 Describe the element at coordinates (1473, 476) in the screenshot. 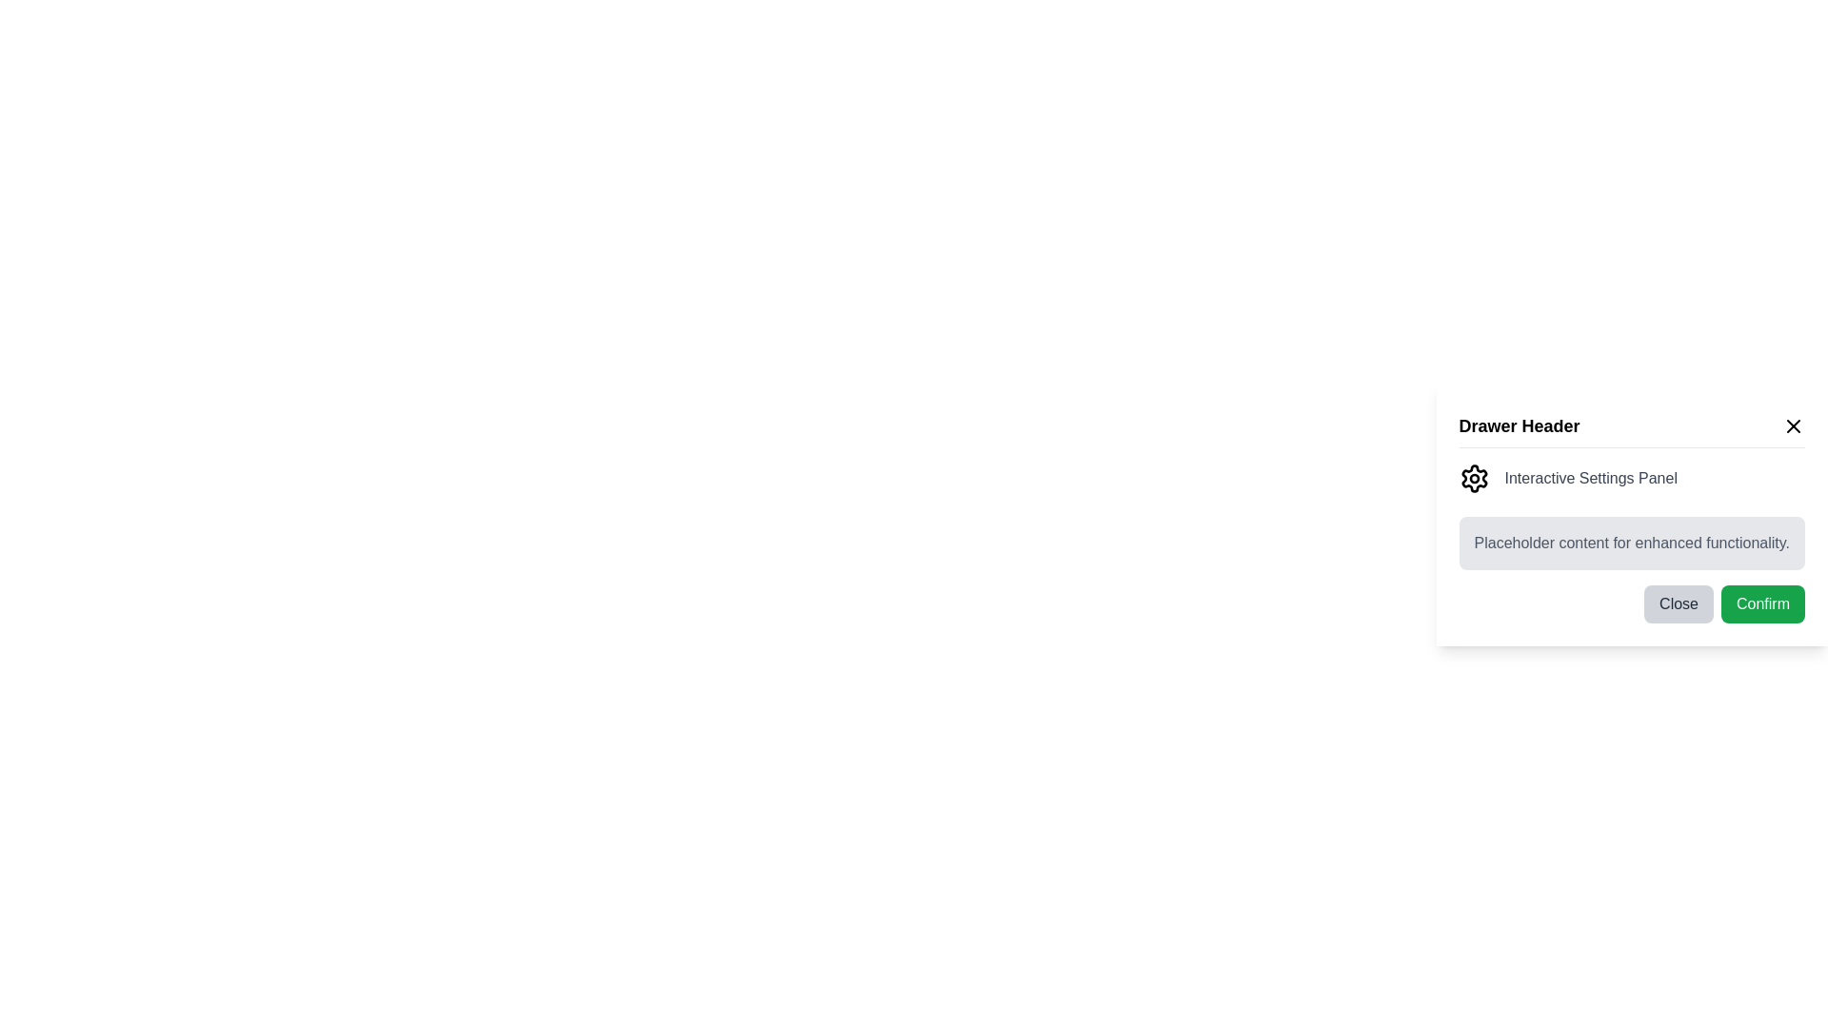

I see `the intricate cog icon located in the bottom right portion of the 'Interactive Settings Panel'` at that location.